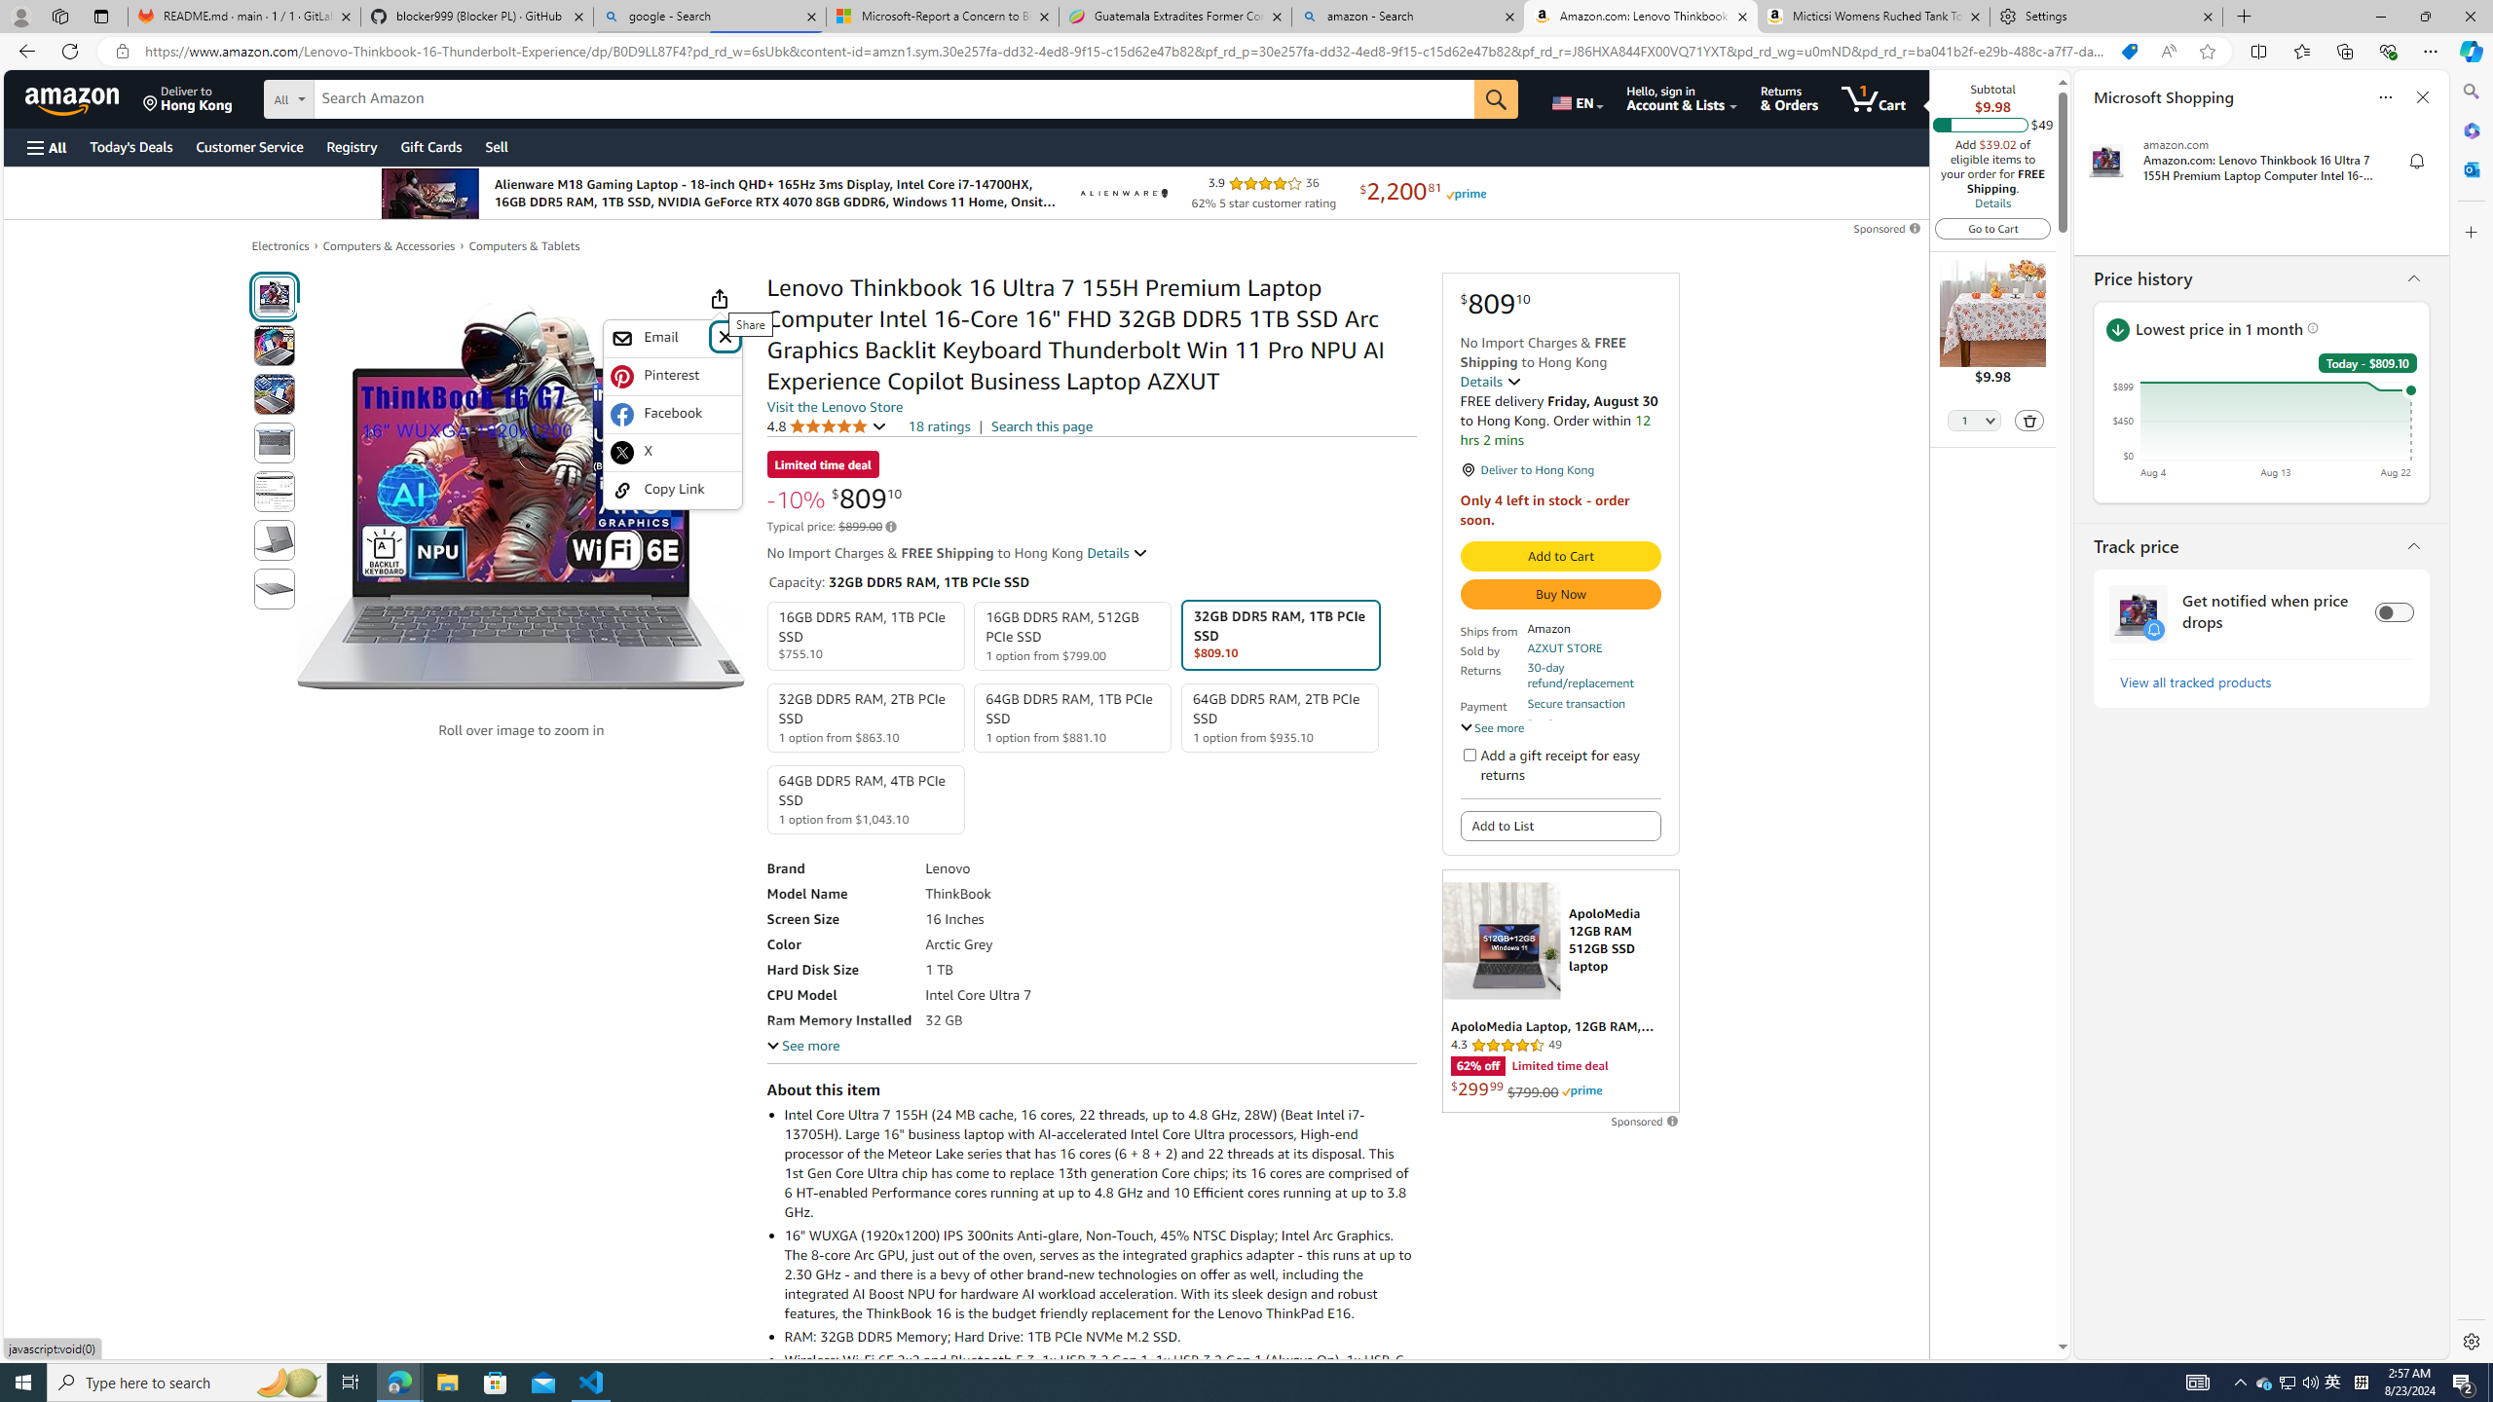  Describe the element at coordinates (1072, 635) in the screenshot. I see `'16GB DDR5 RAM, 512GB PCIe SSD 1 option from $799.00'` at that location.